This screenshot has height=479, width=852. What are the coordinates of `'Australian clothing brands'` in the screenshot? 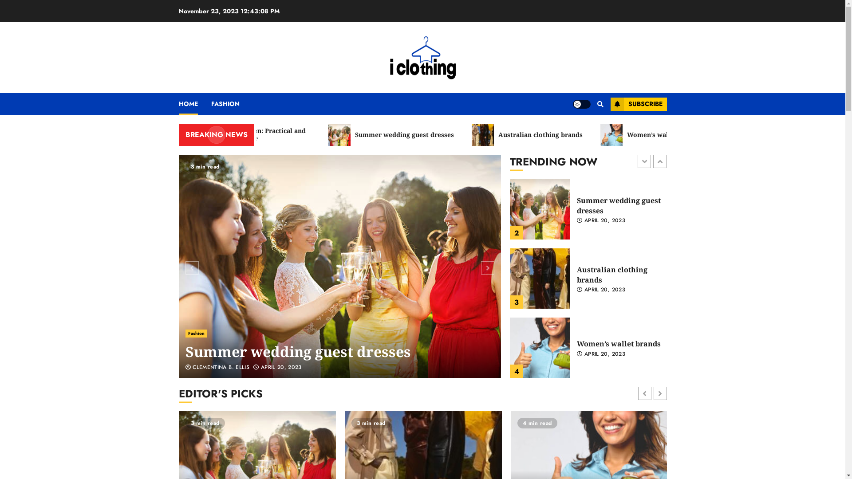 It's located at (577, 343).